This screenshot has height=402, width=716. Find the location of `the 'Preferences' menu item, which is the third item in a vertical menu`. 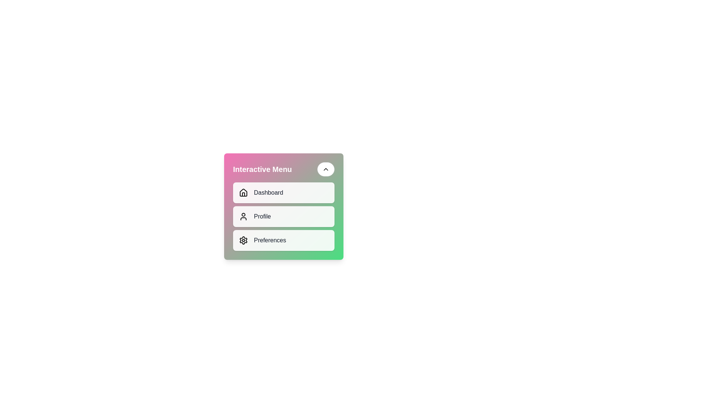

the 'Preferences' menu item, which is the third item in a vertical menu is located at coordinates (283, 240).